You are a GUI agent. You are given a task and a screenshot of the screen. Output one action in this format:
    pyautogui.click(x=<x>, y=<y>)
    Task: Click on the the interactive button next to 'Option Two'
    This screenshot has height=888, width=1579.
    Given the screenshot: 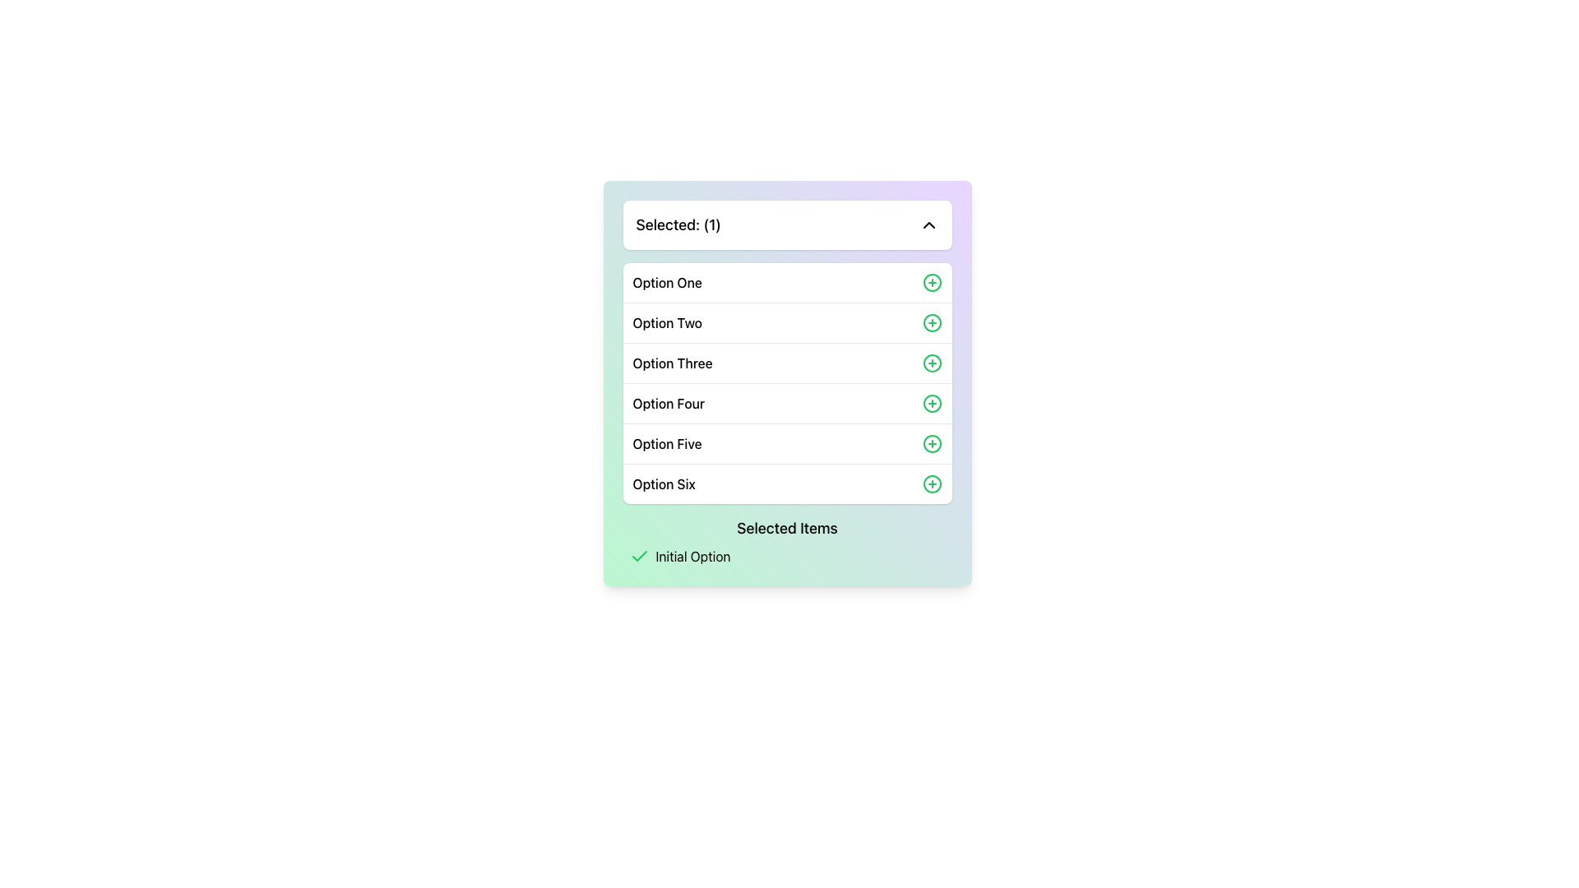 What is the action you would take?
    pyautogui.click(x=932, y=323)
    